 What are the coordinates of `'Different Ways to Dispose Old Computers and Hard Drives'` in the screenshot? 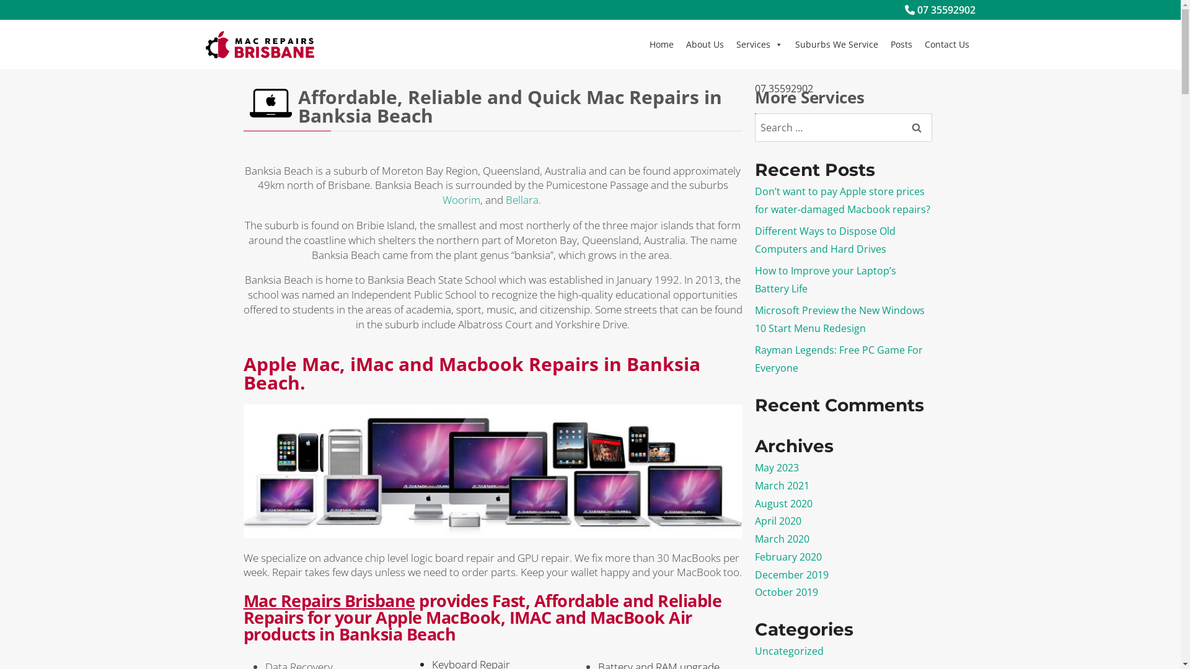 It's located at (825, 240).